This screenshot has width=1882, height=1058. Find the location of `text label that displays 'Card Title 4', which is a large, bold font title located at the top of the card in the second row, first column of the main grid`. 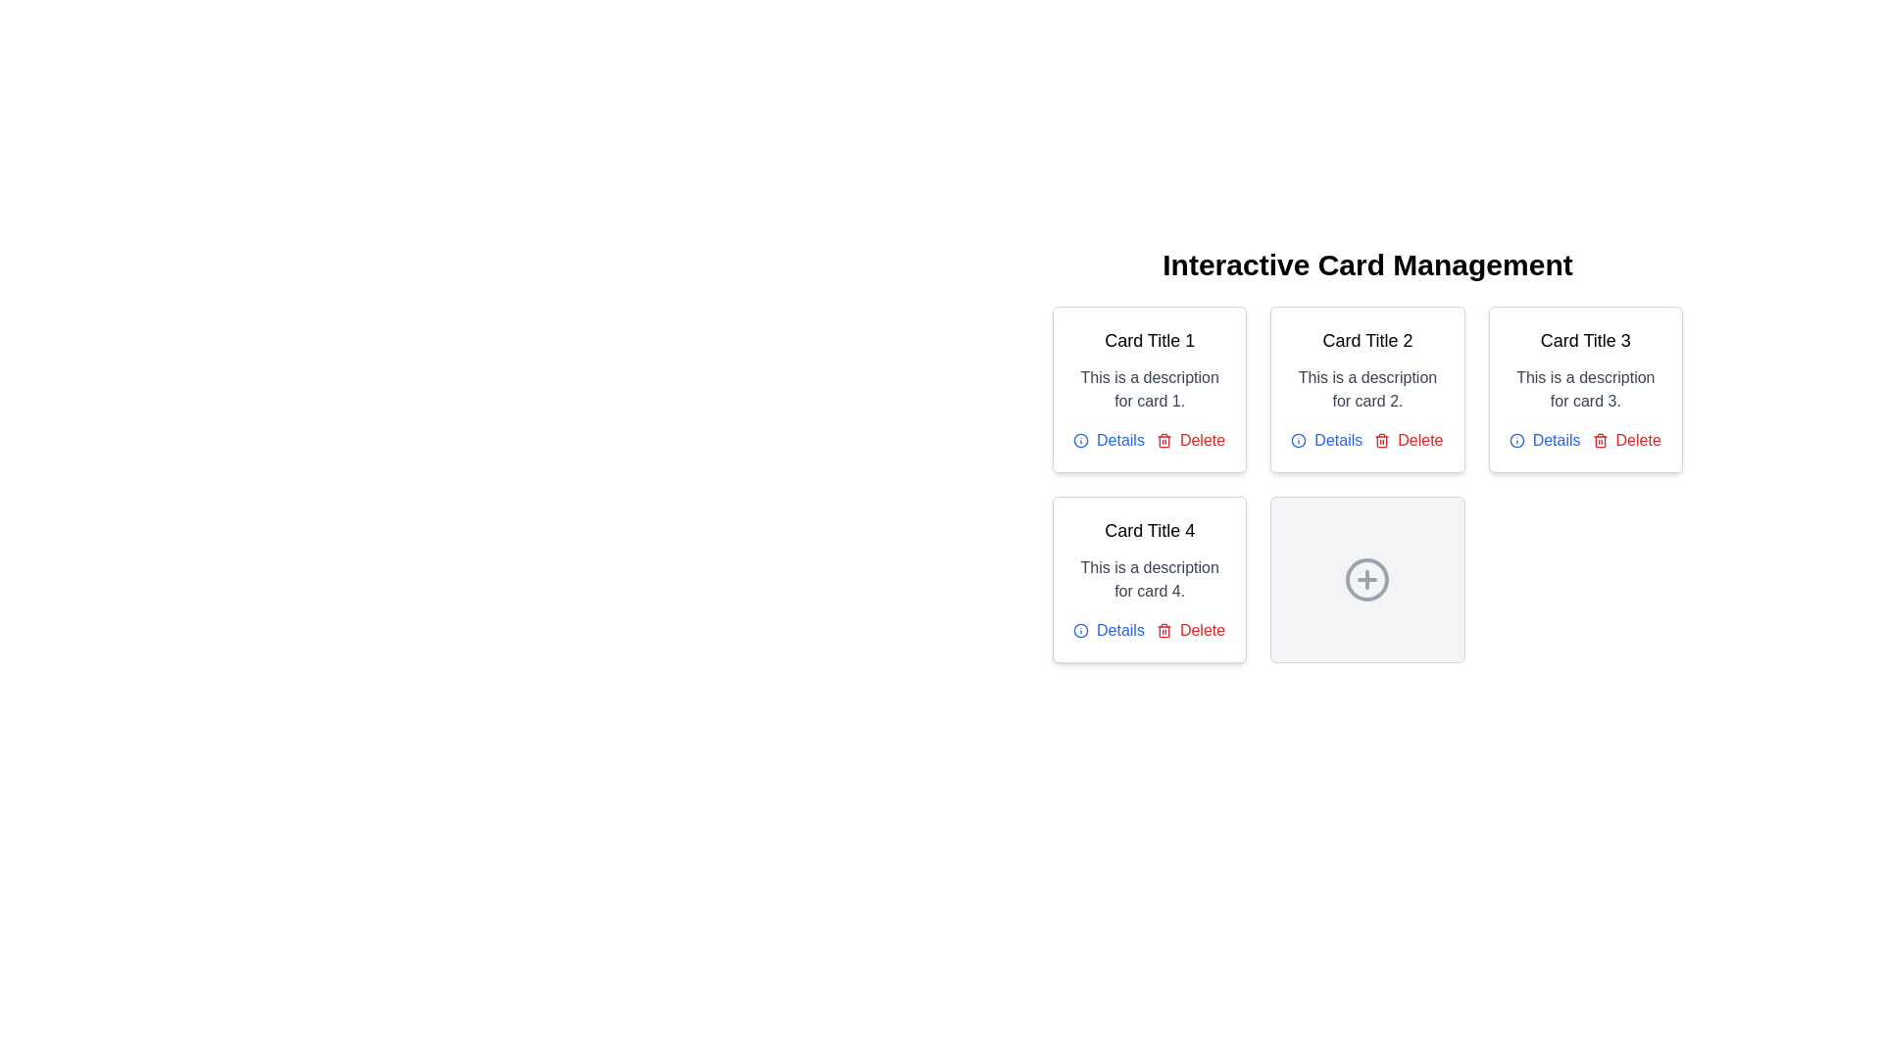

text label that displays 'Card Title 4', which is a large, bold font title located at the top of the card in the second row, first column of the main grid is located at coordinates (1150, 531).